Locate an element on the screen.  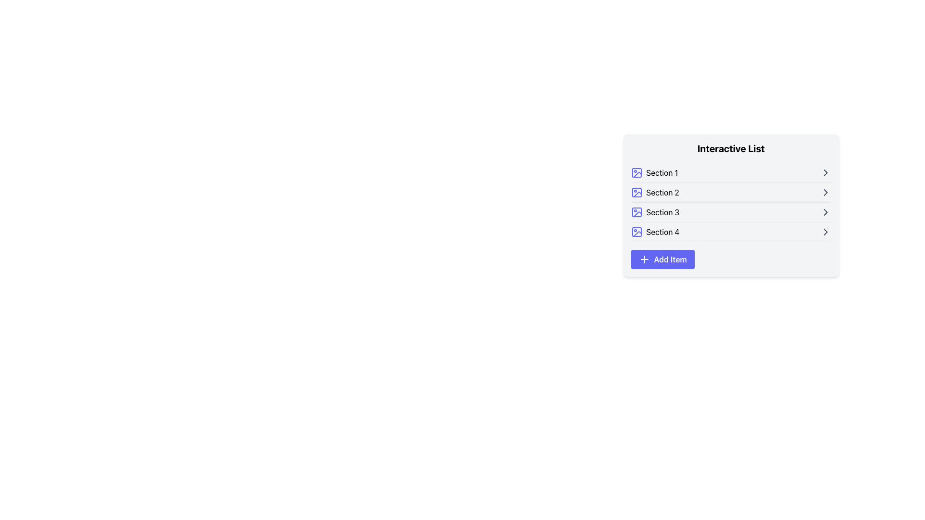
the third item labeled 'Section 3' in the 'Interactive List' is located at coordinates (655, 211).